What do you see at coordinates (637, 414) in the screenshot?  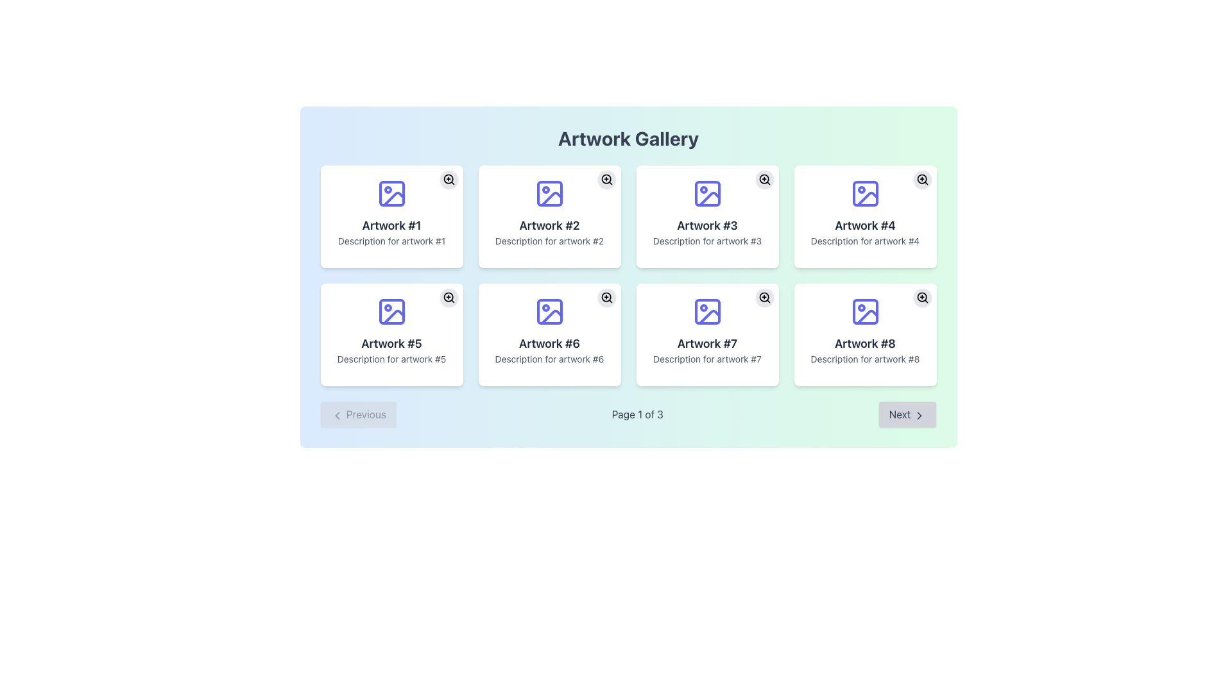 I see `the Text label that displays the current page and total number of pages in the pagination system, located between the 'Previous' and 'Next' buttons at the bottom center of the layout` at bounding box center [637, 414].